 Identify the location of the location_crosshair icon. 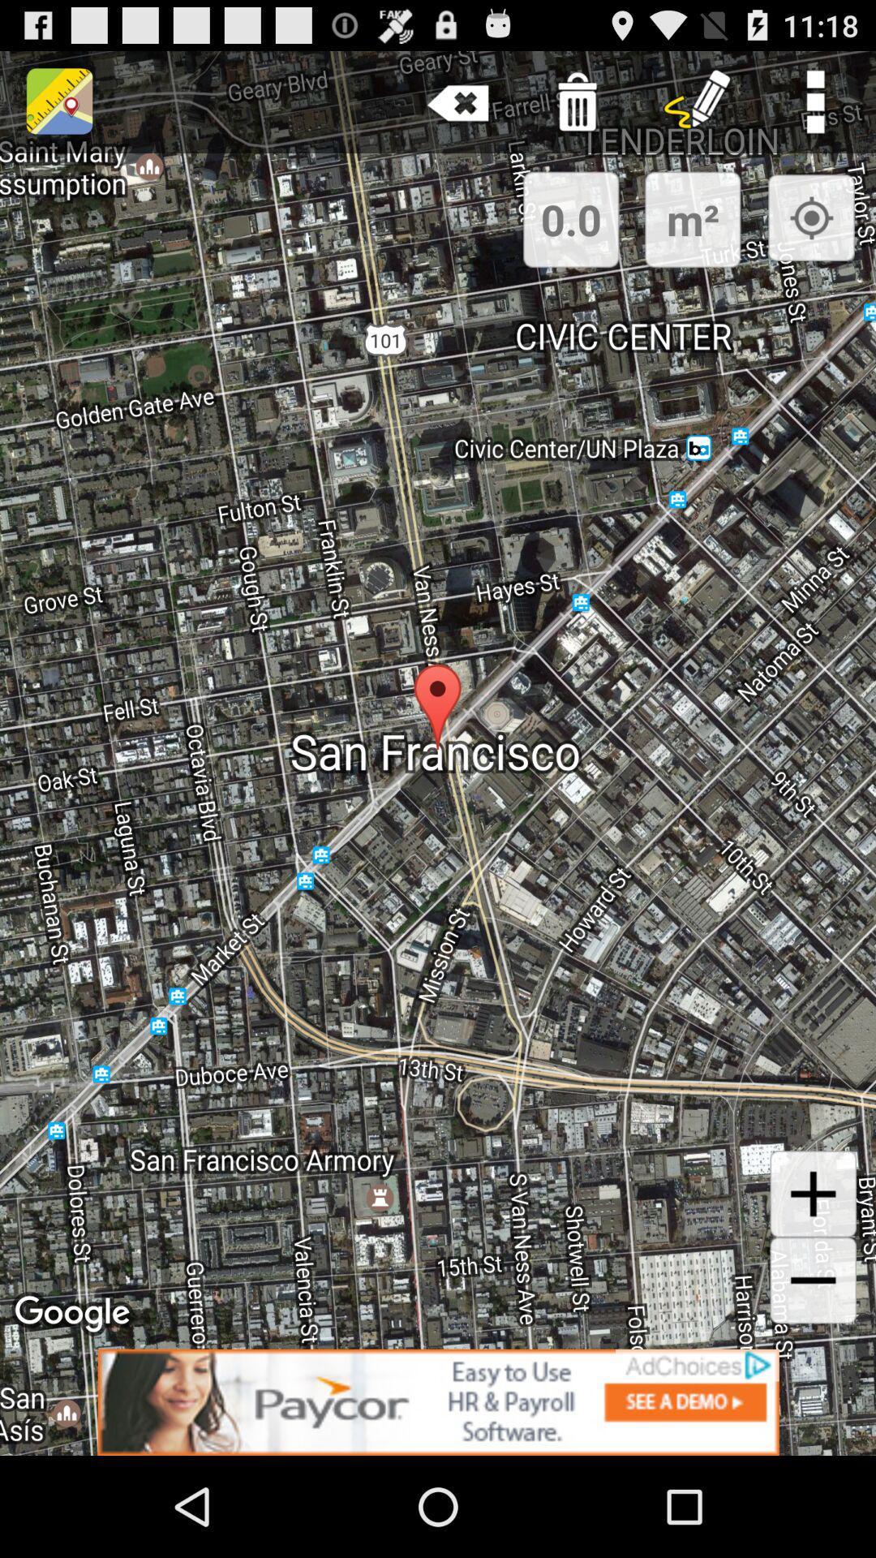
(811, 232).